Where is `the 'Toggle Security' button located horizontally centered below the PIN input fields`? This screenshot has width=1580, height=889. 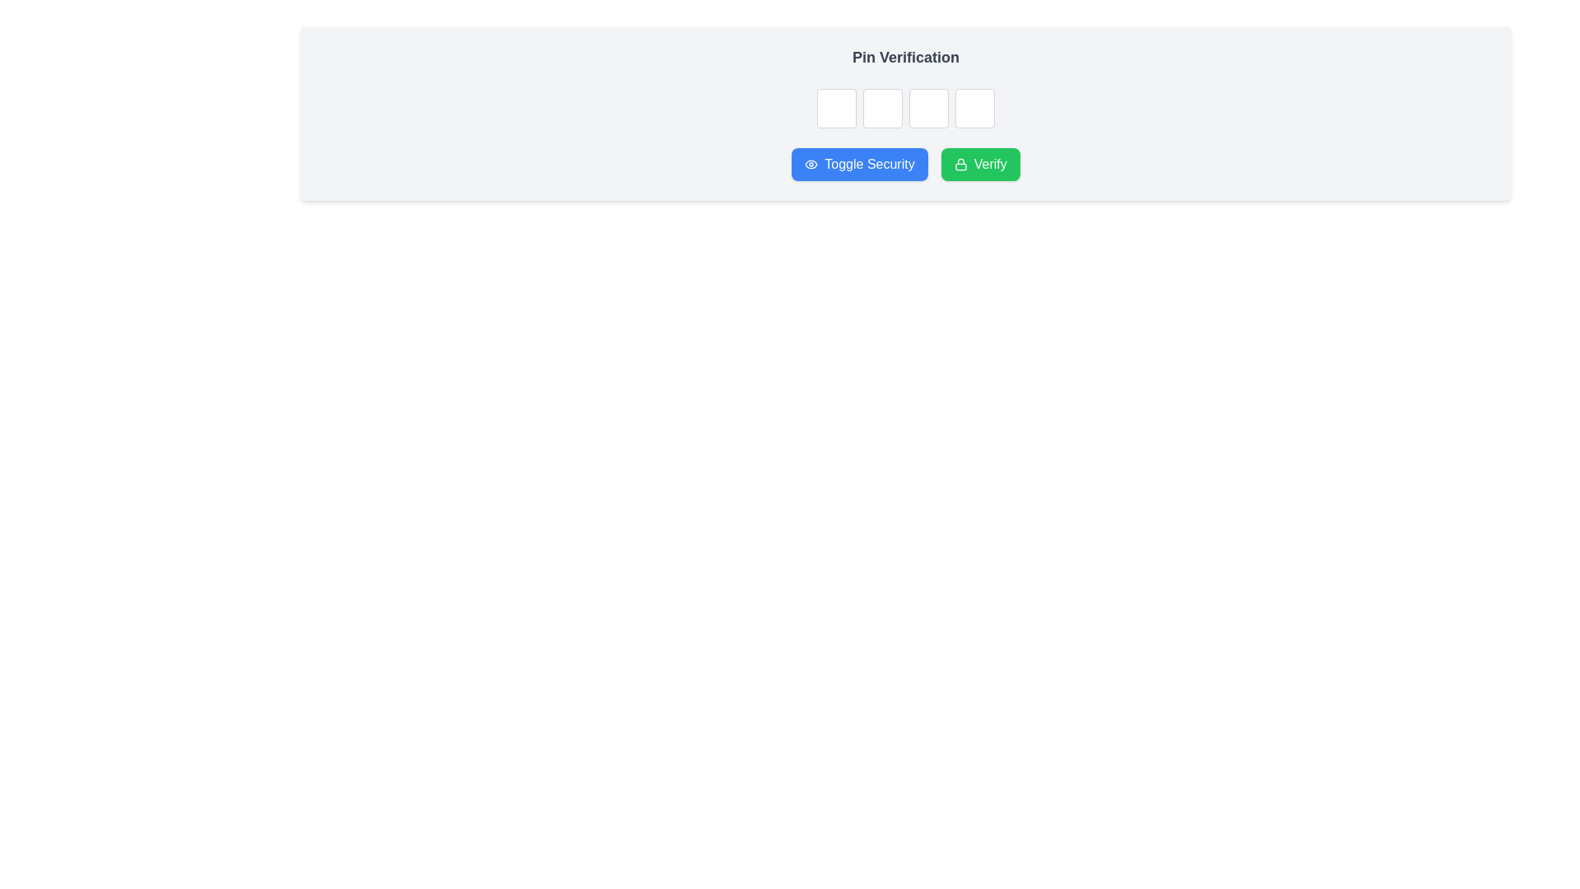 the 'Toggle Security' button located horizontally centered below the PIN input fields is located at coordinates (811, 165).